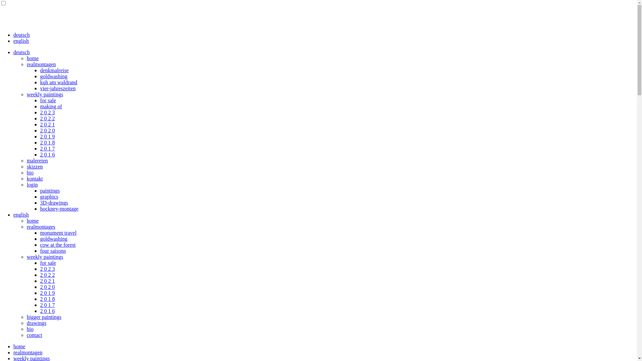  I want to click on 'realmontages', so click(40, 226).